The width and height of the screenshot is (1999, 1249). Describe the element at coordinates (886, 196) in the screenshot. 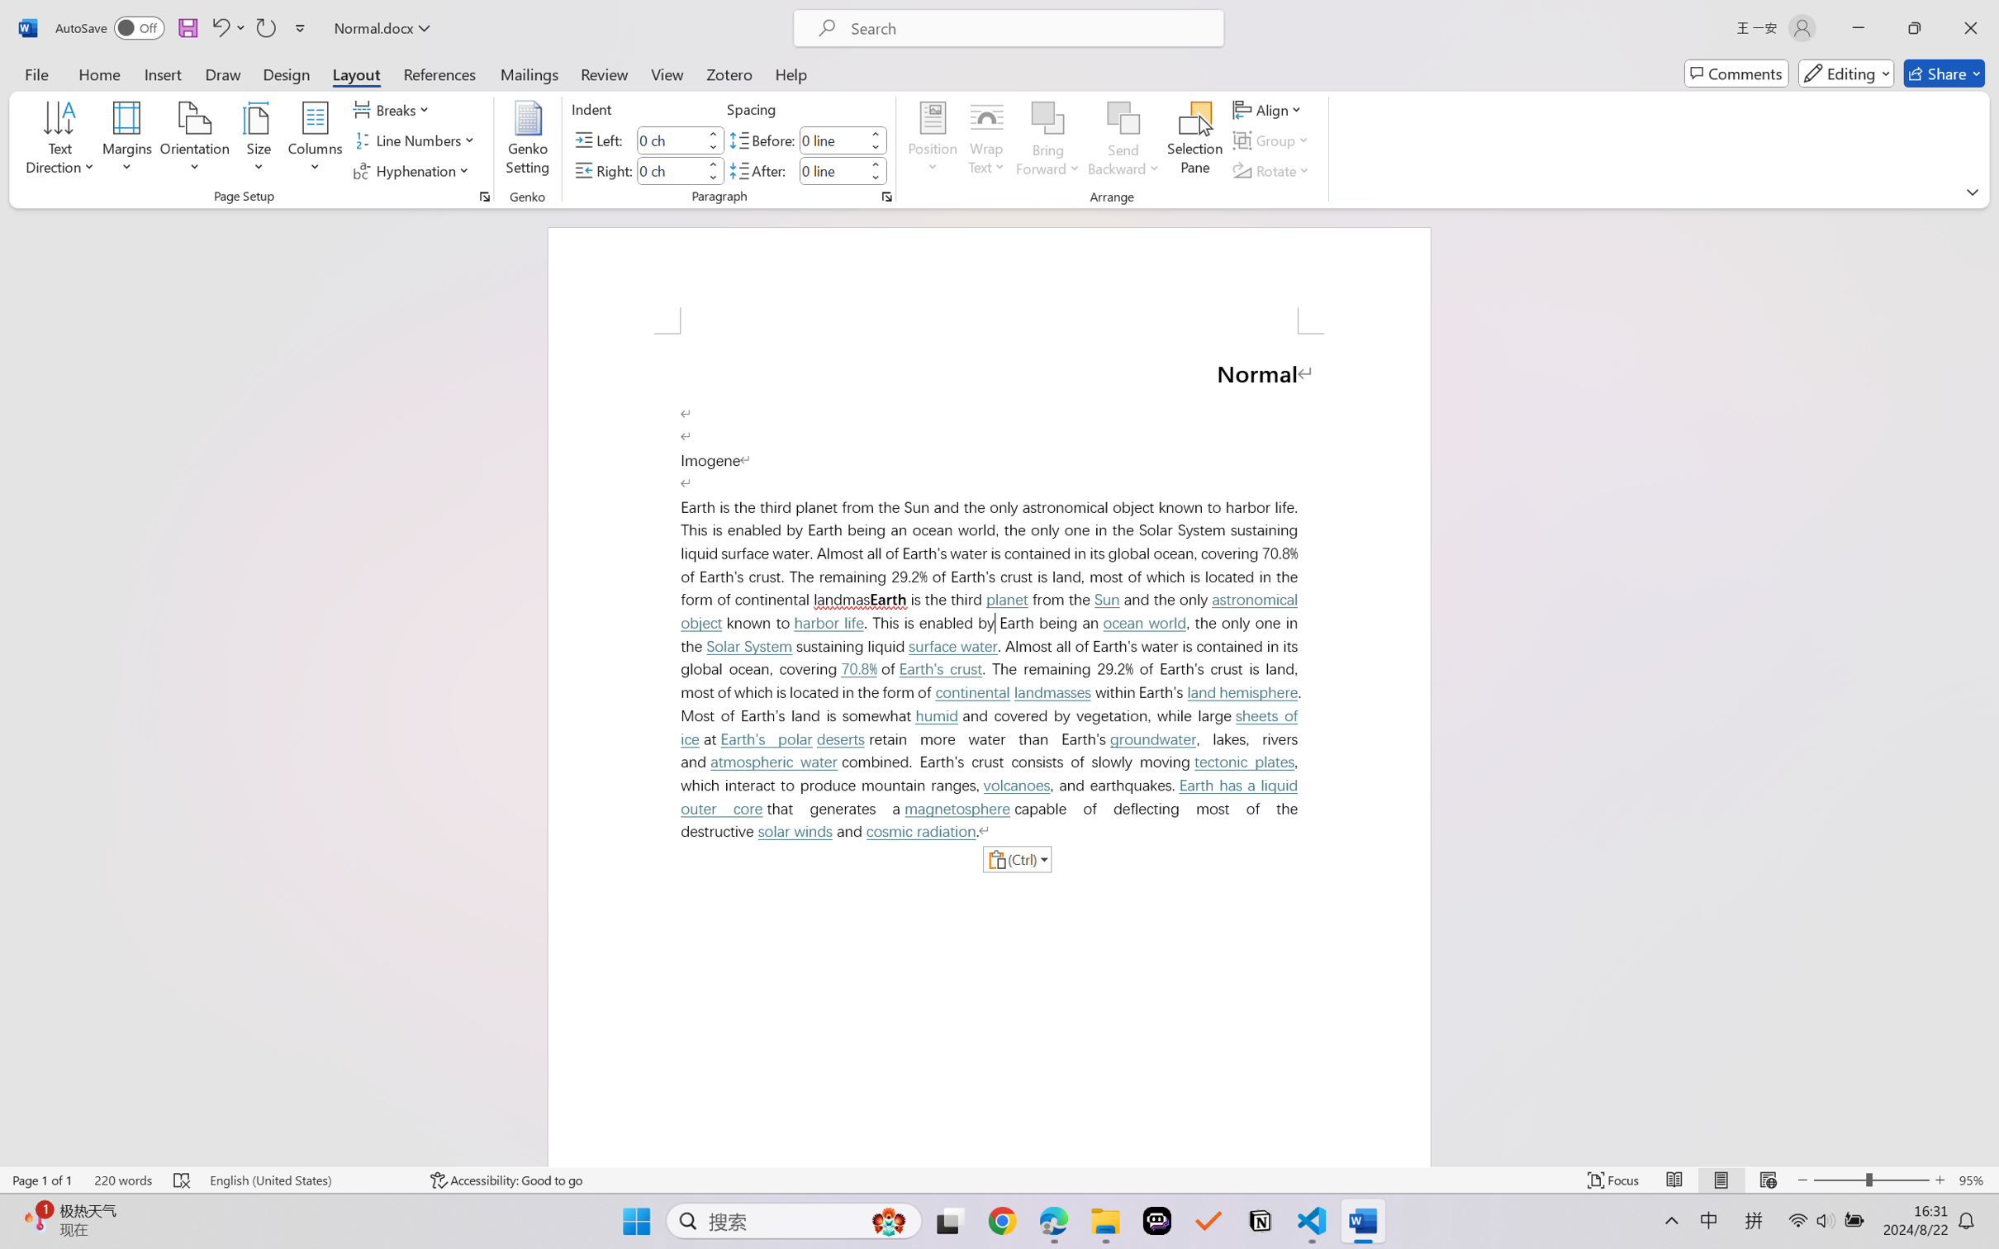

I see `'Paragraph...'` at that location.